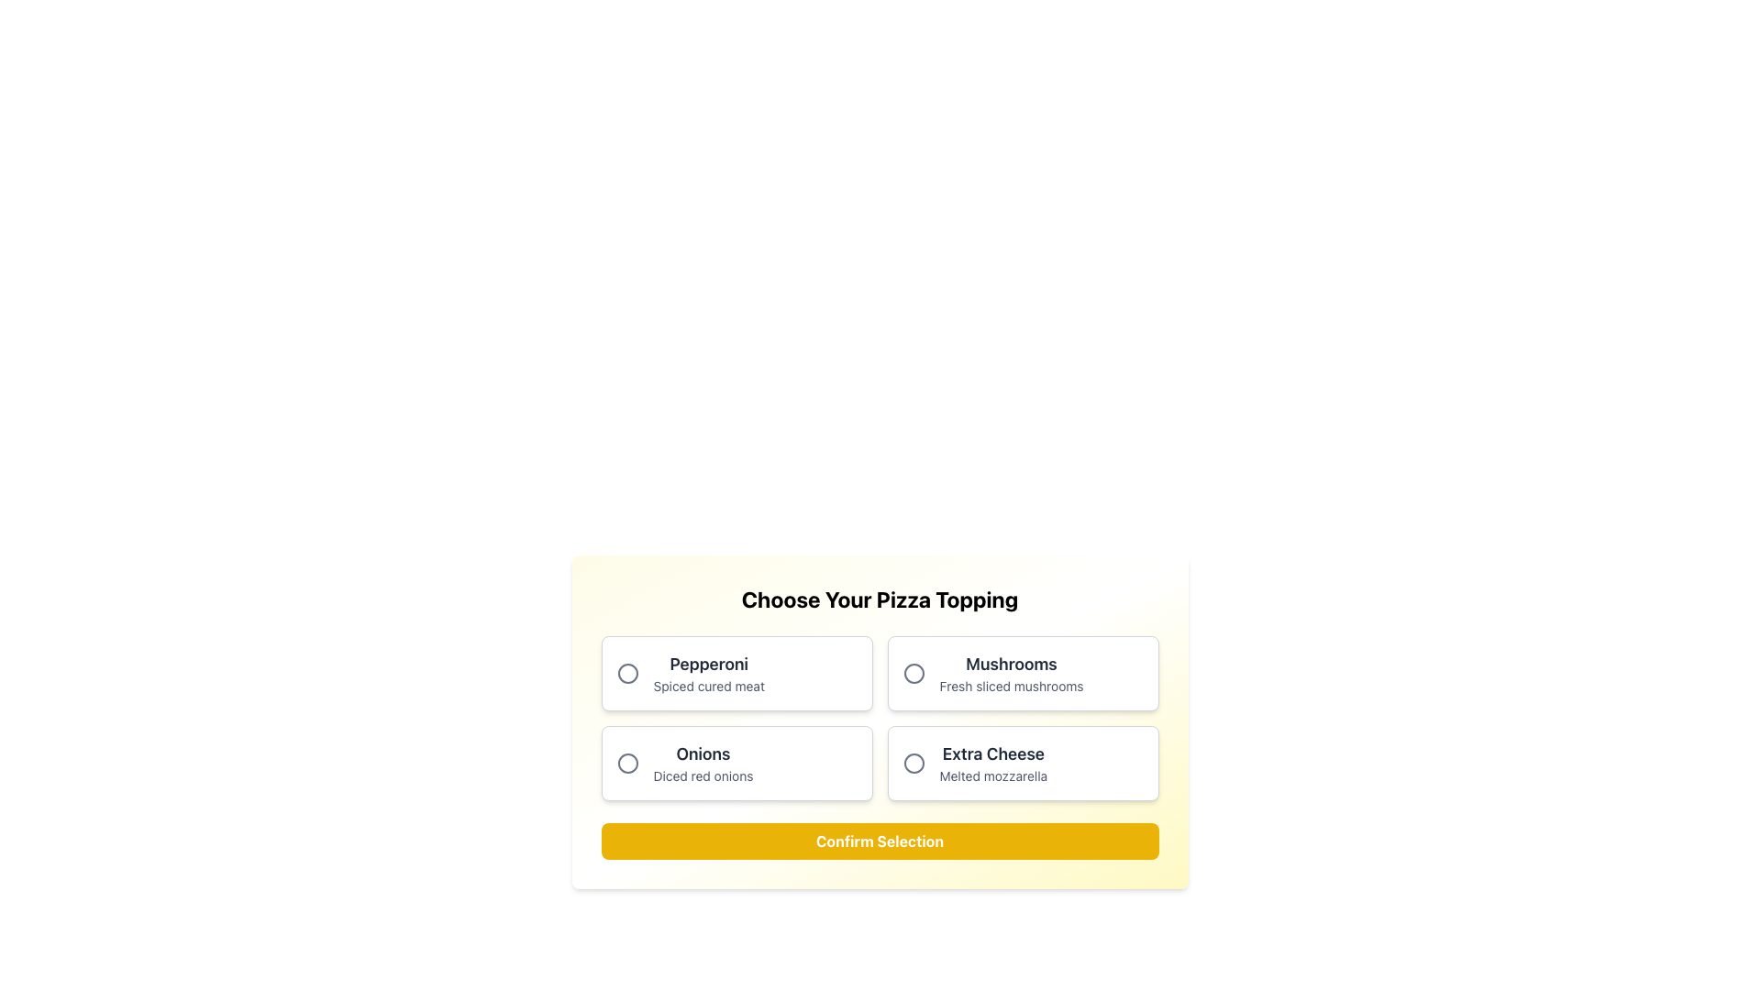  Describe the element at coordinates (1022, 674) in the screenshot. I see `the 'Mushrooms' selectable card option` at that location.